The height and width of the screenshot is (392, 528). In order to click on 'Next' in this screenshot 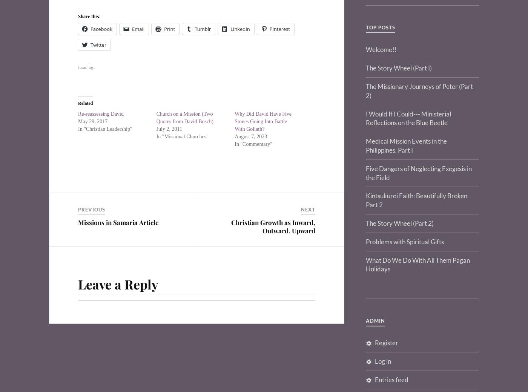, I will do `click(308, 209)`.